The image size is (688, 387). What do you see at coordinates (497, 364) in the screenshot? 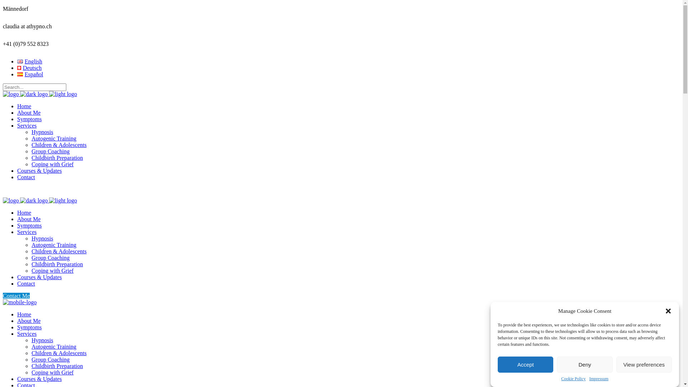
I see `'Accept'` at bounding box center [497, 364].